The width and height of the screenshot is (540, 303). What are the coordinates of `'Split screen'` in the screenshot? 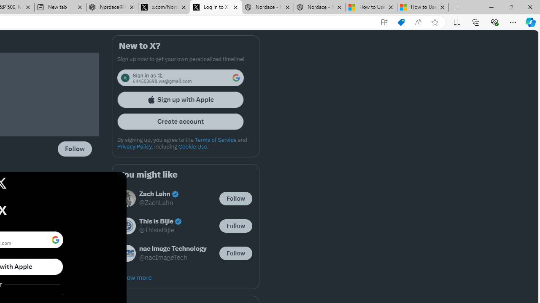 It's located at (456, 21).